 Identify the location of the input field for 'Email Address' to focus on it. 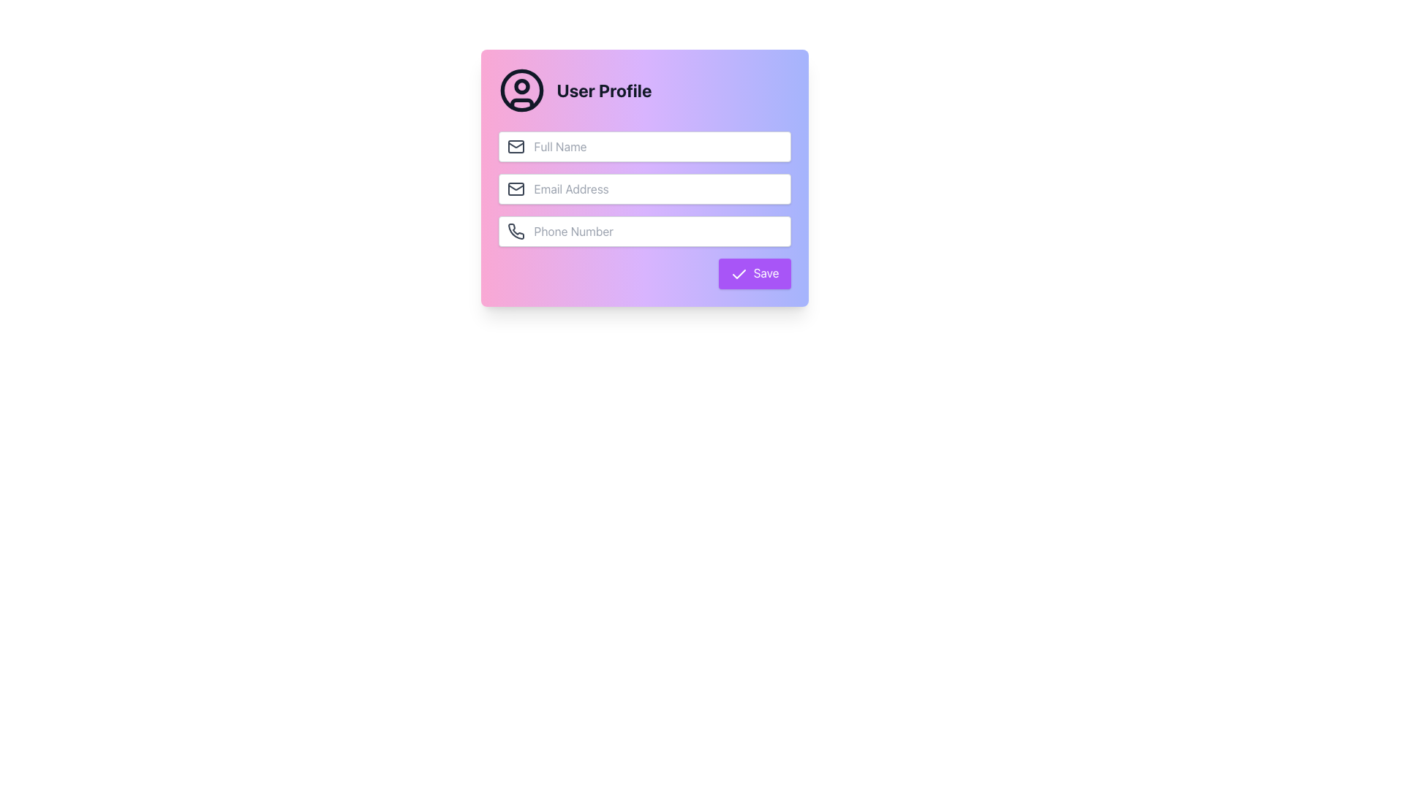
(643, 188).